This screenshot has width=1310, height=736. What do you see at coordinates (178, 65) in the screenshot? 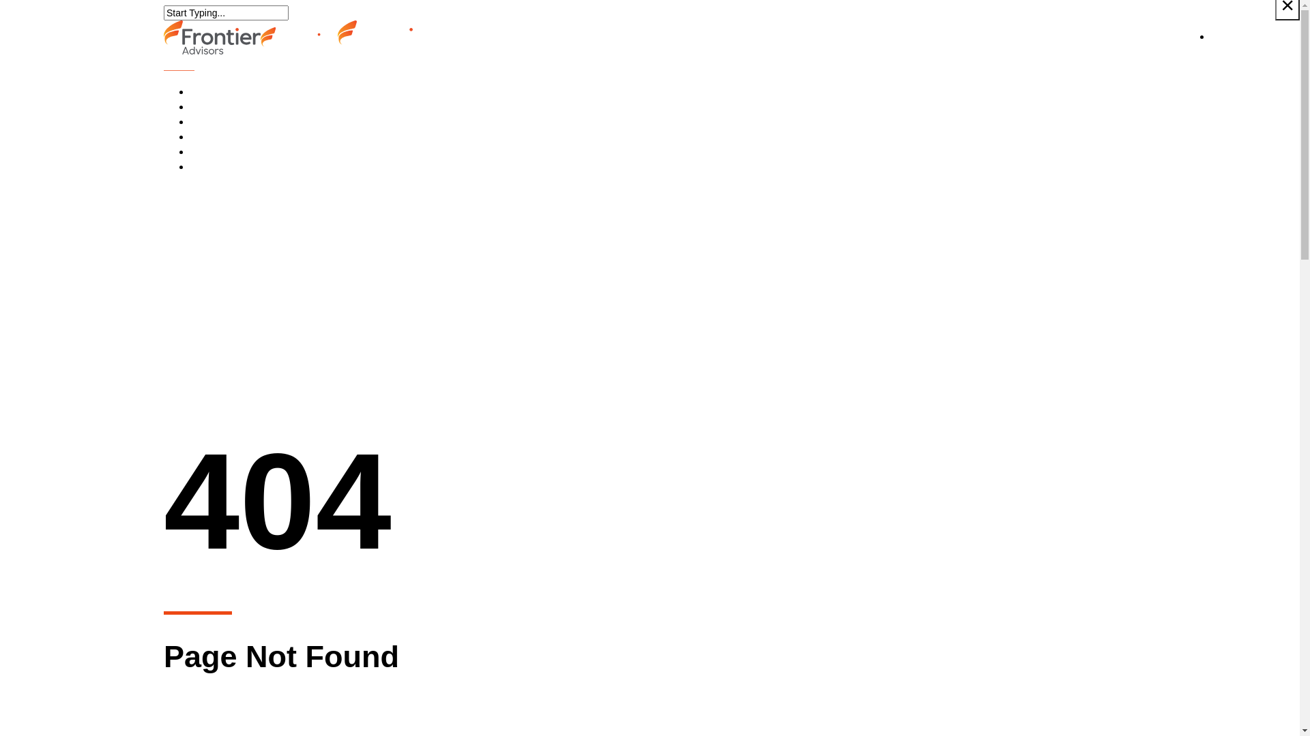
I see `'Menu'` at bounding box center [178, 65].